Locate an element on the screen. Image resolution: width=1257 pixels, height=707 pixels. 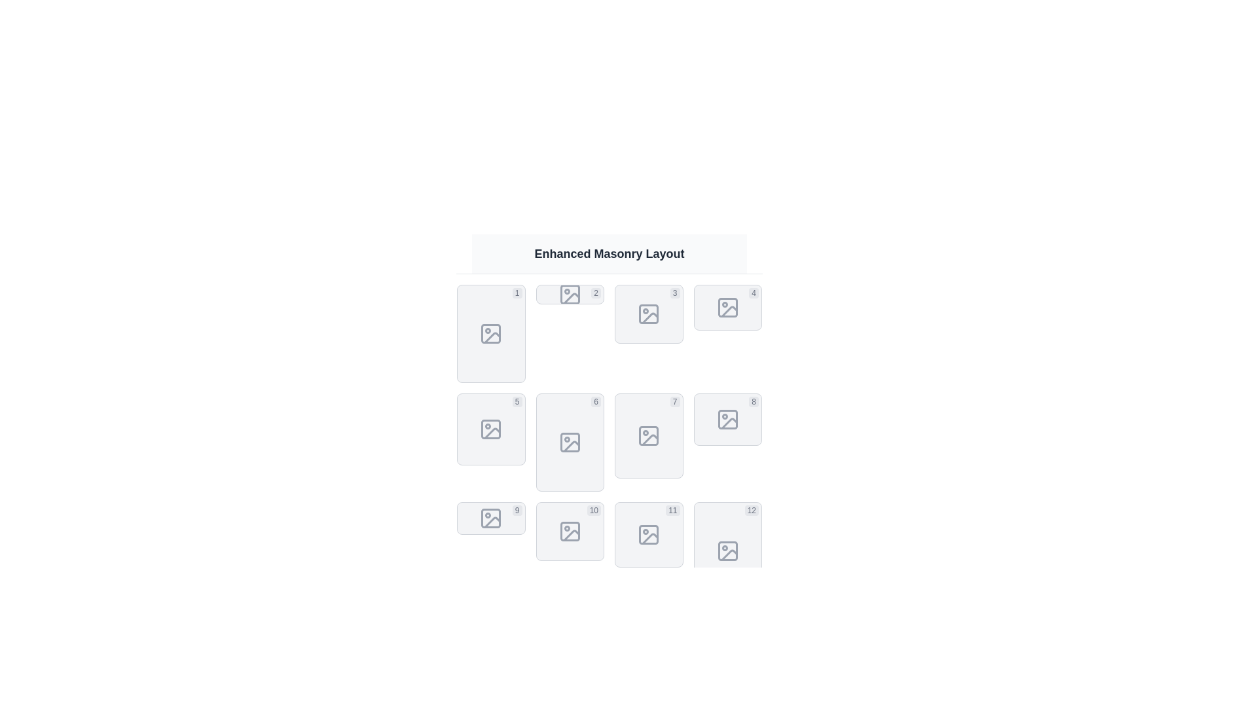
the grid item component labeled '4', which serves as a display element in the grid layout is located at coordinates (727, 308).